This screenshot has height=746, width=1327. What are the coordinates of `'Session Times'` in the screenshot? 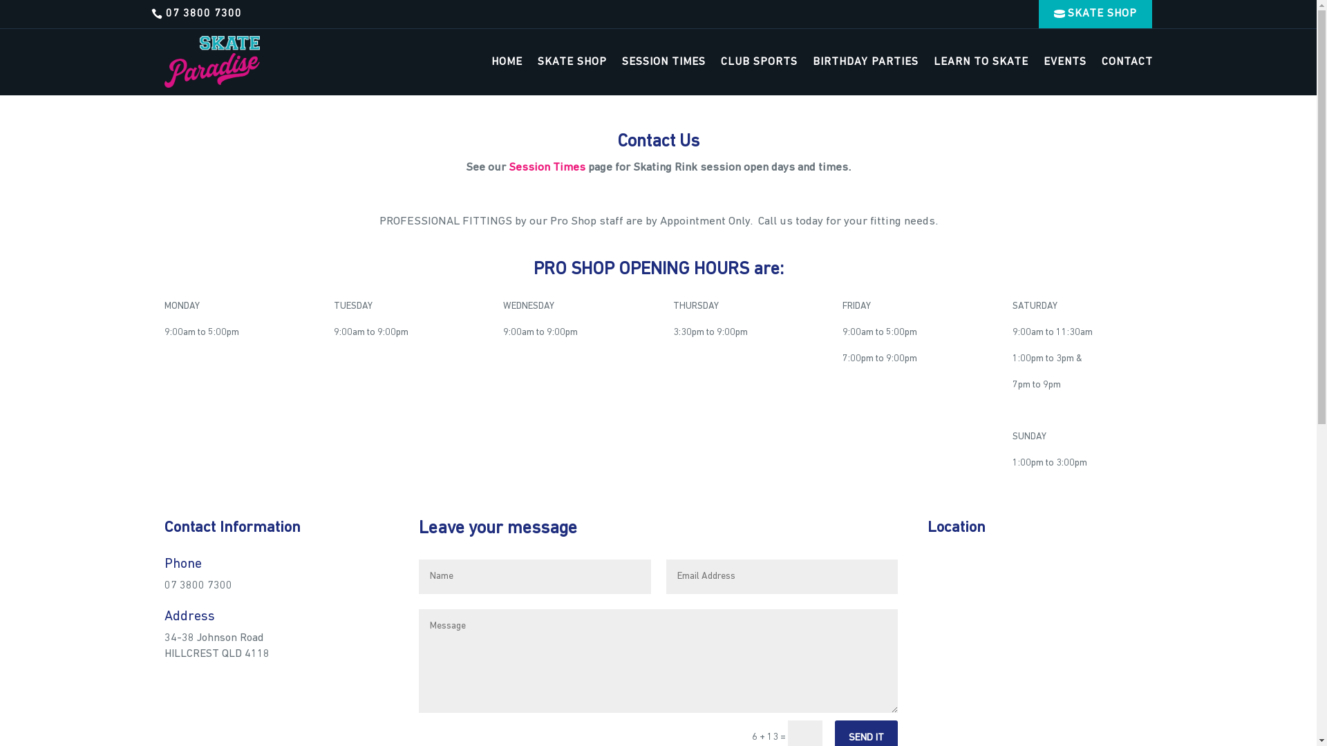 It's located at (546, 166).